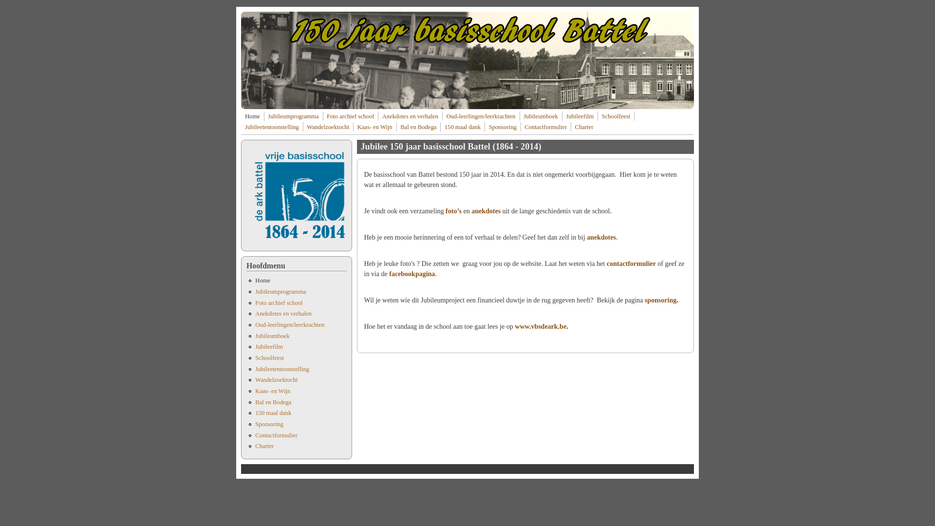 The width and height of the screenshot is (935, 526). I want to click on 'Schoolfeest', so click(615, 116).